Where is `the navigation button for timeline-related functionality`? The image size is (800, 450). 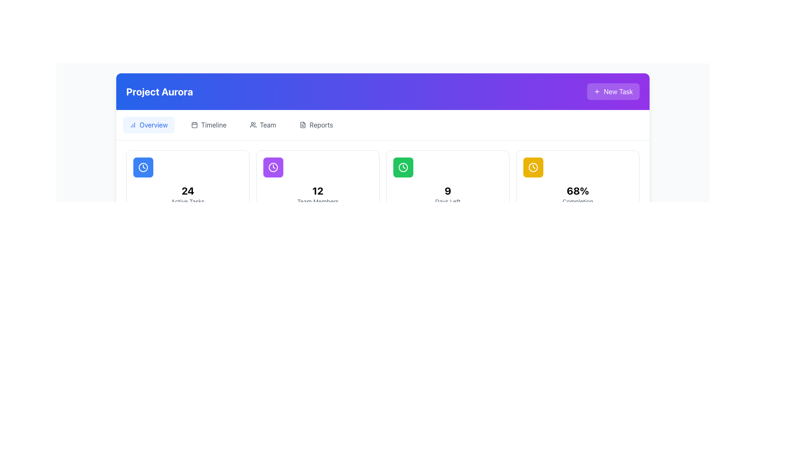 the navigation button for timeline-related functionality is located at coordinates (214, 125).